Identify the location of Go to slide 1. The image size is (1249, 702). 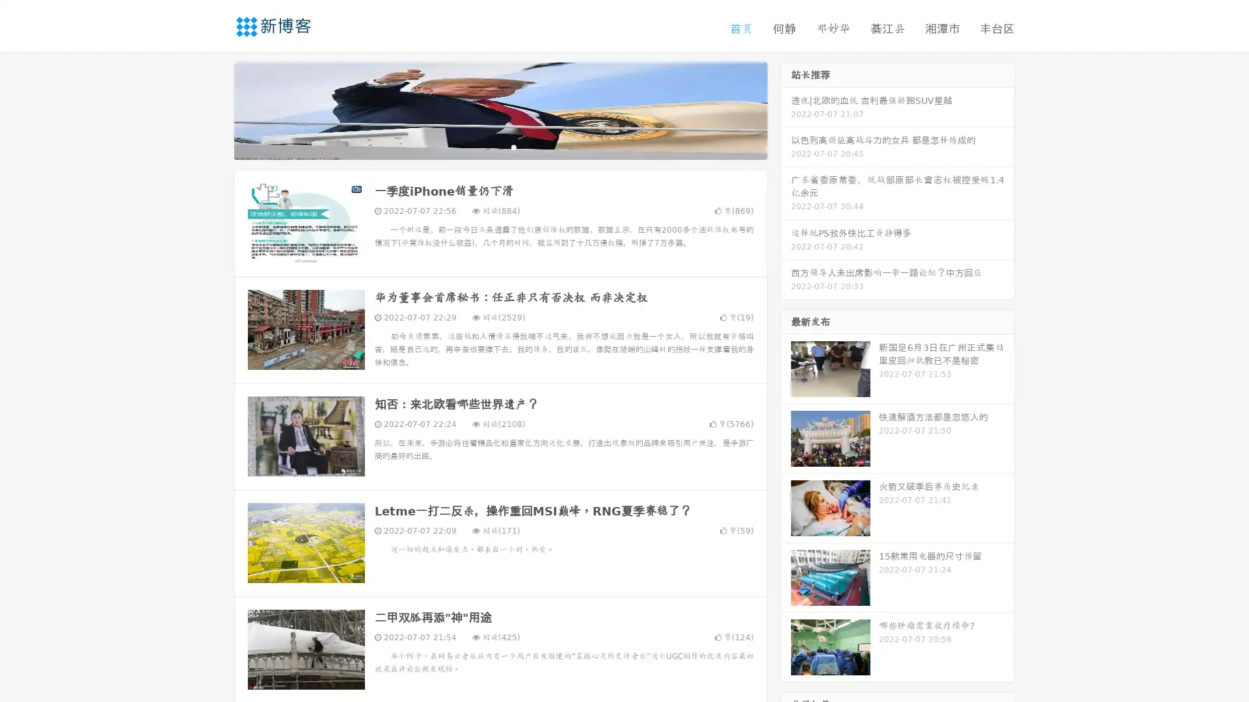
(487, 146).